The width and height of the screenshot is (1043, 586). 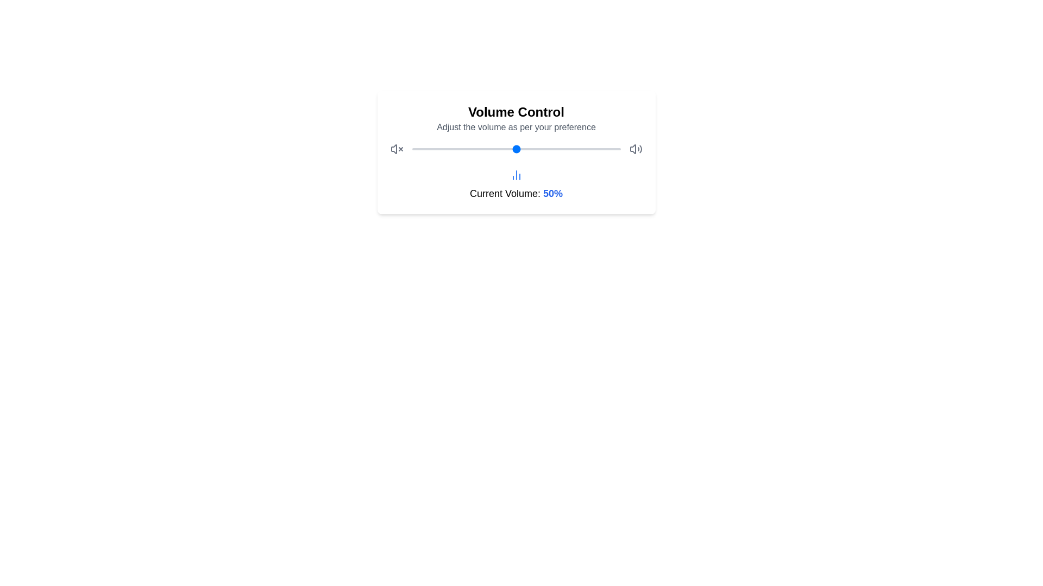 I want to click on the volume slider to set the volume to 28%, so click(x=470, y=149).